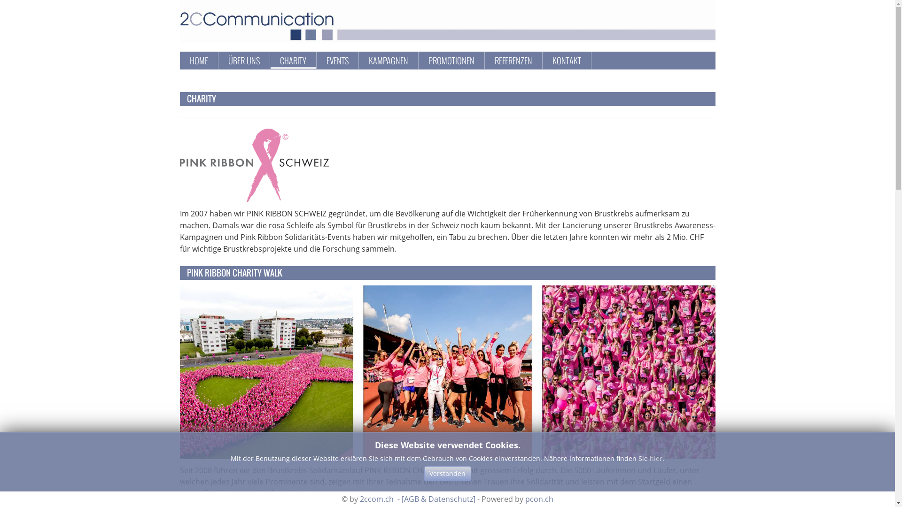 The width and height of the screenshot is (902, 507). I want to click on 'hier', so click(655, 458).